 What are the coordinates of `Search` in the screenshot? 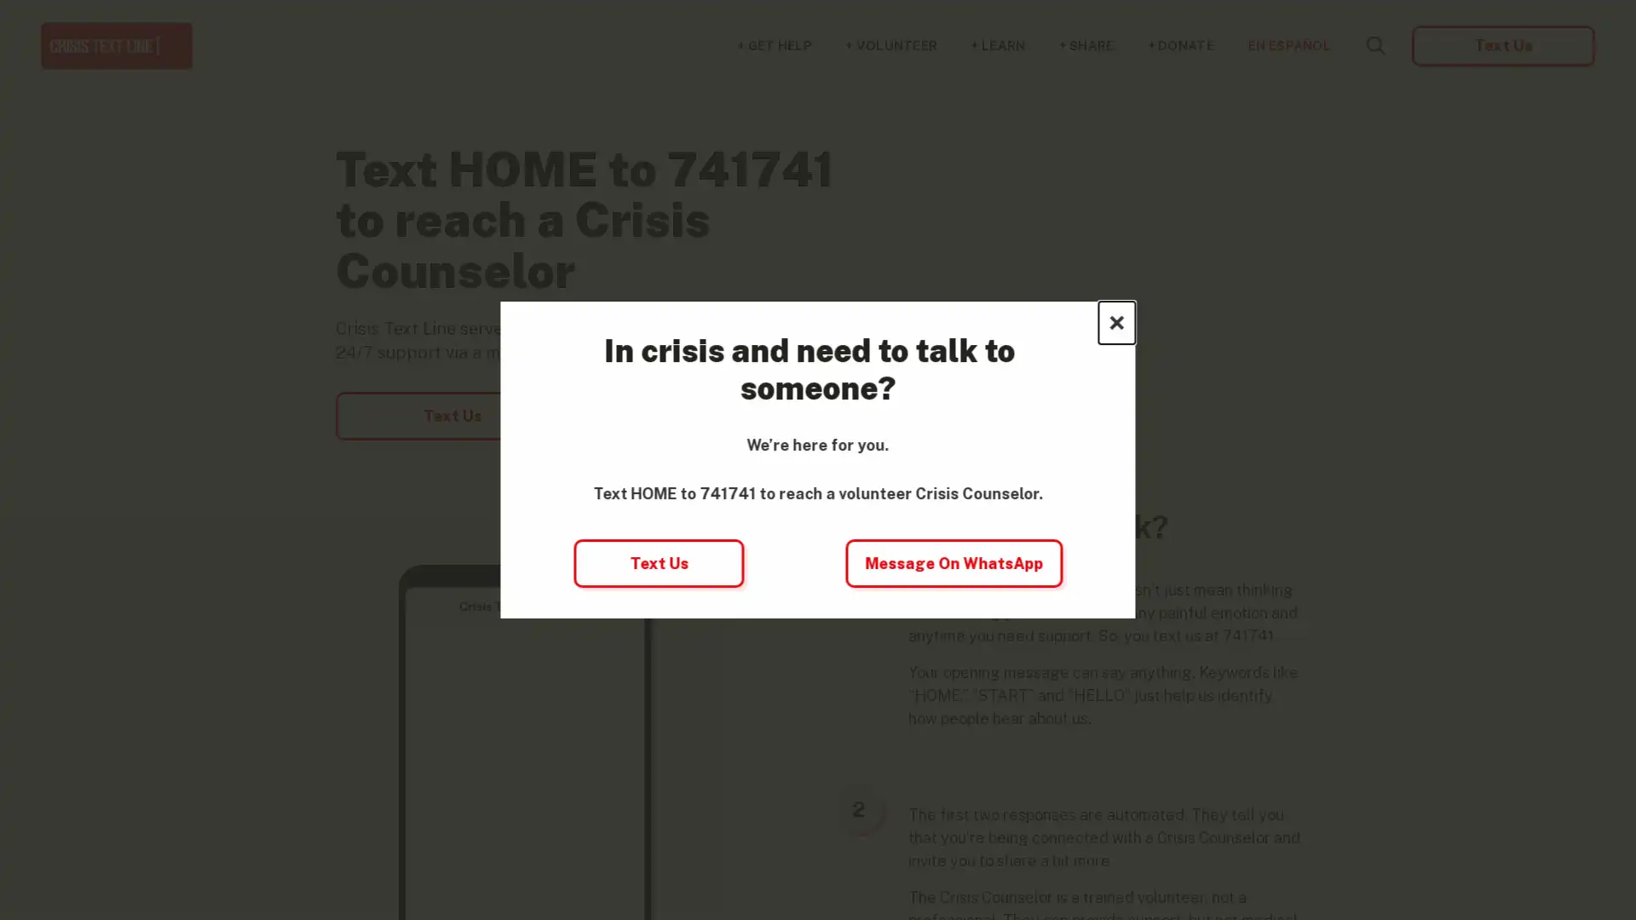 It's located at (1375, 45).